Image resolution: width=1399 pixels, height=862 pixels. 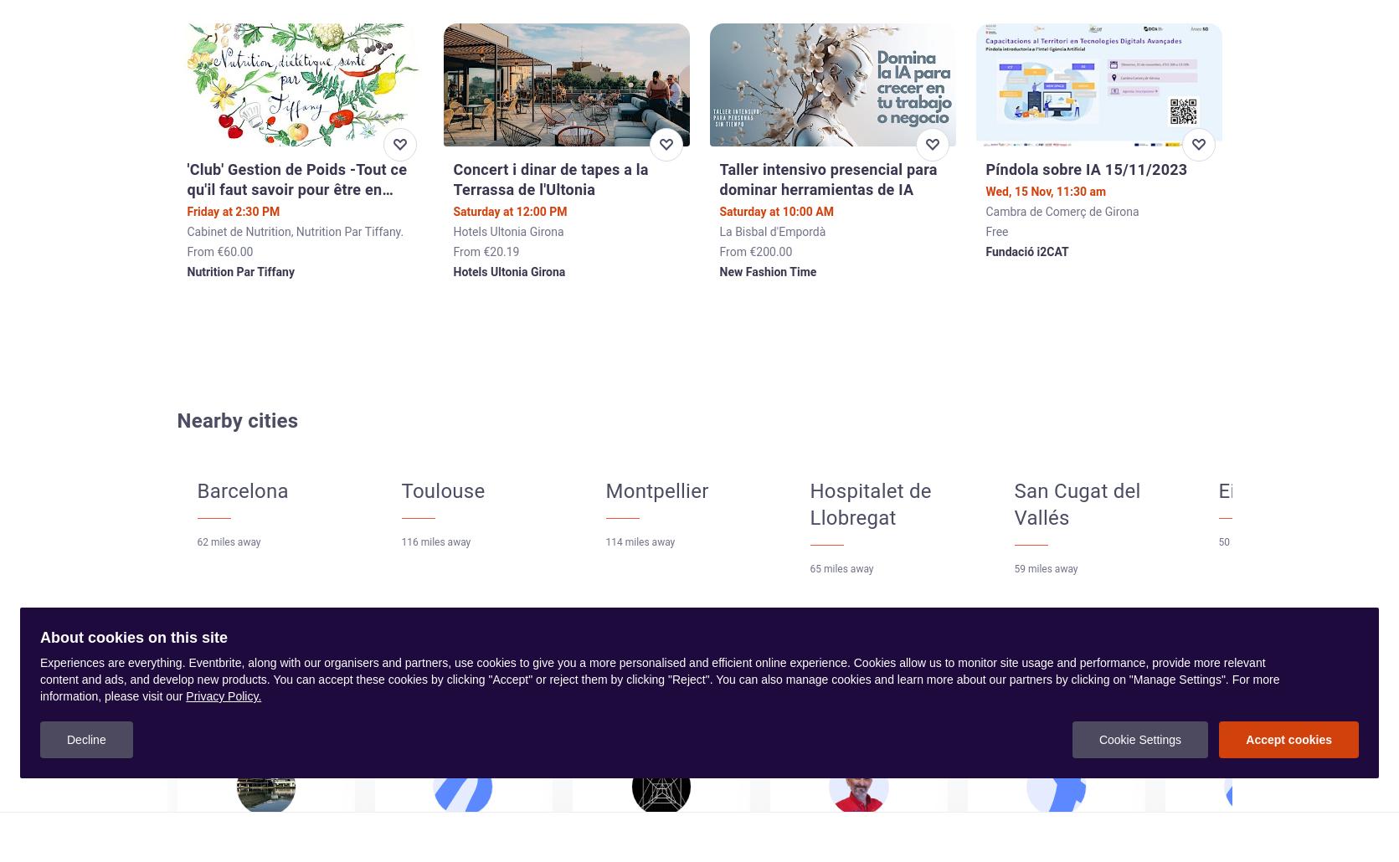 I want to click on 'Friday at 2:30 PM', so click(x=233, y=211).